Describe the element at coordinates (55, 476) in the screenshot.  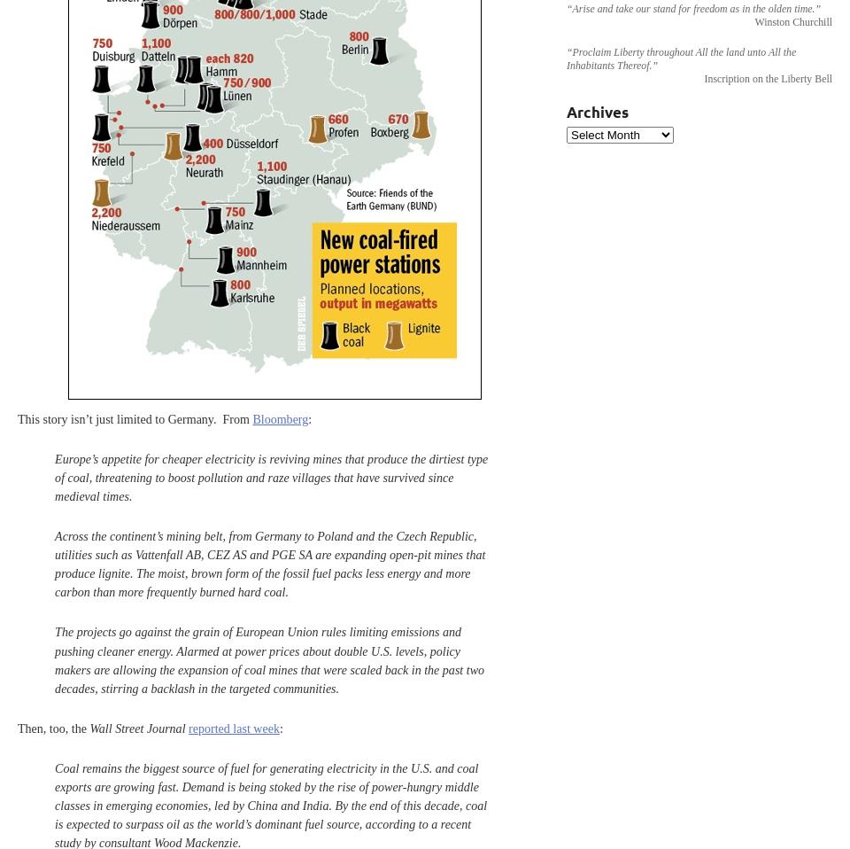
I see `'Europe’s appetite for cheaper electricity is reviving mines that produce the dirtiest type of coal, threatening to boost pollution and raze villages that have survived since medieval times.'` at that location.